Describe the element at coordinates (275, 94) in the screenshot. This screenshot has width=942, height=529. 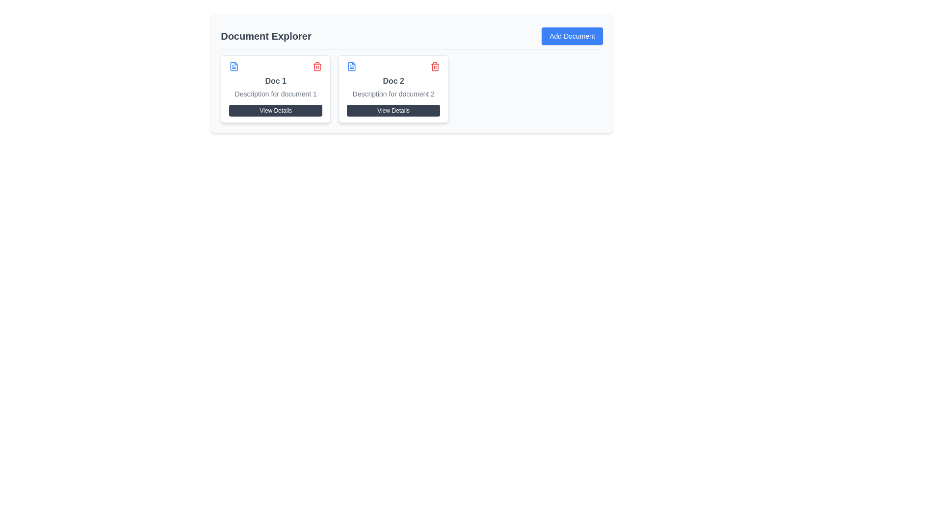
I see `the textual element displaying 'Description for document 1' located beneath the title 'Doc 1' within the left document card` at that location.